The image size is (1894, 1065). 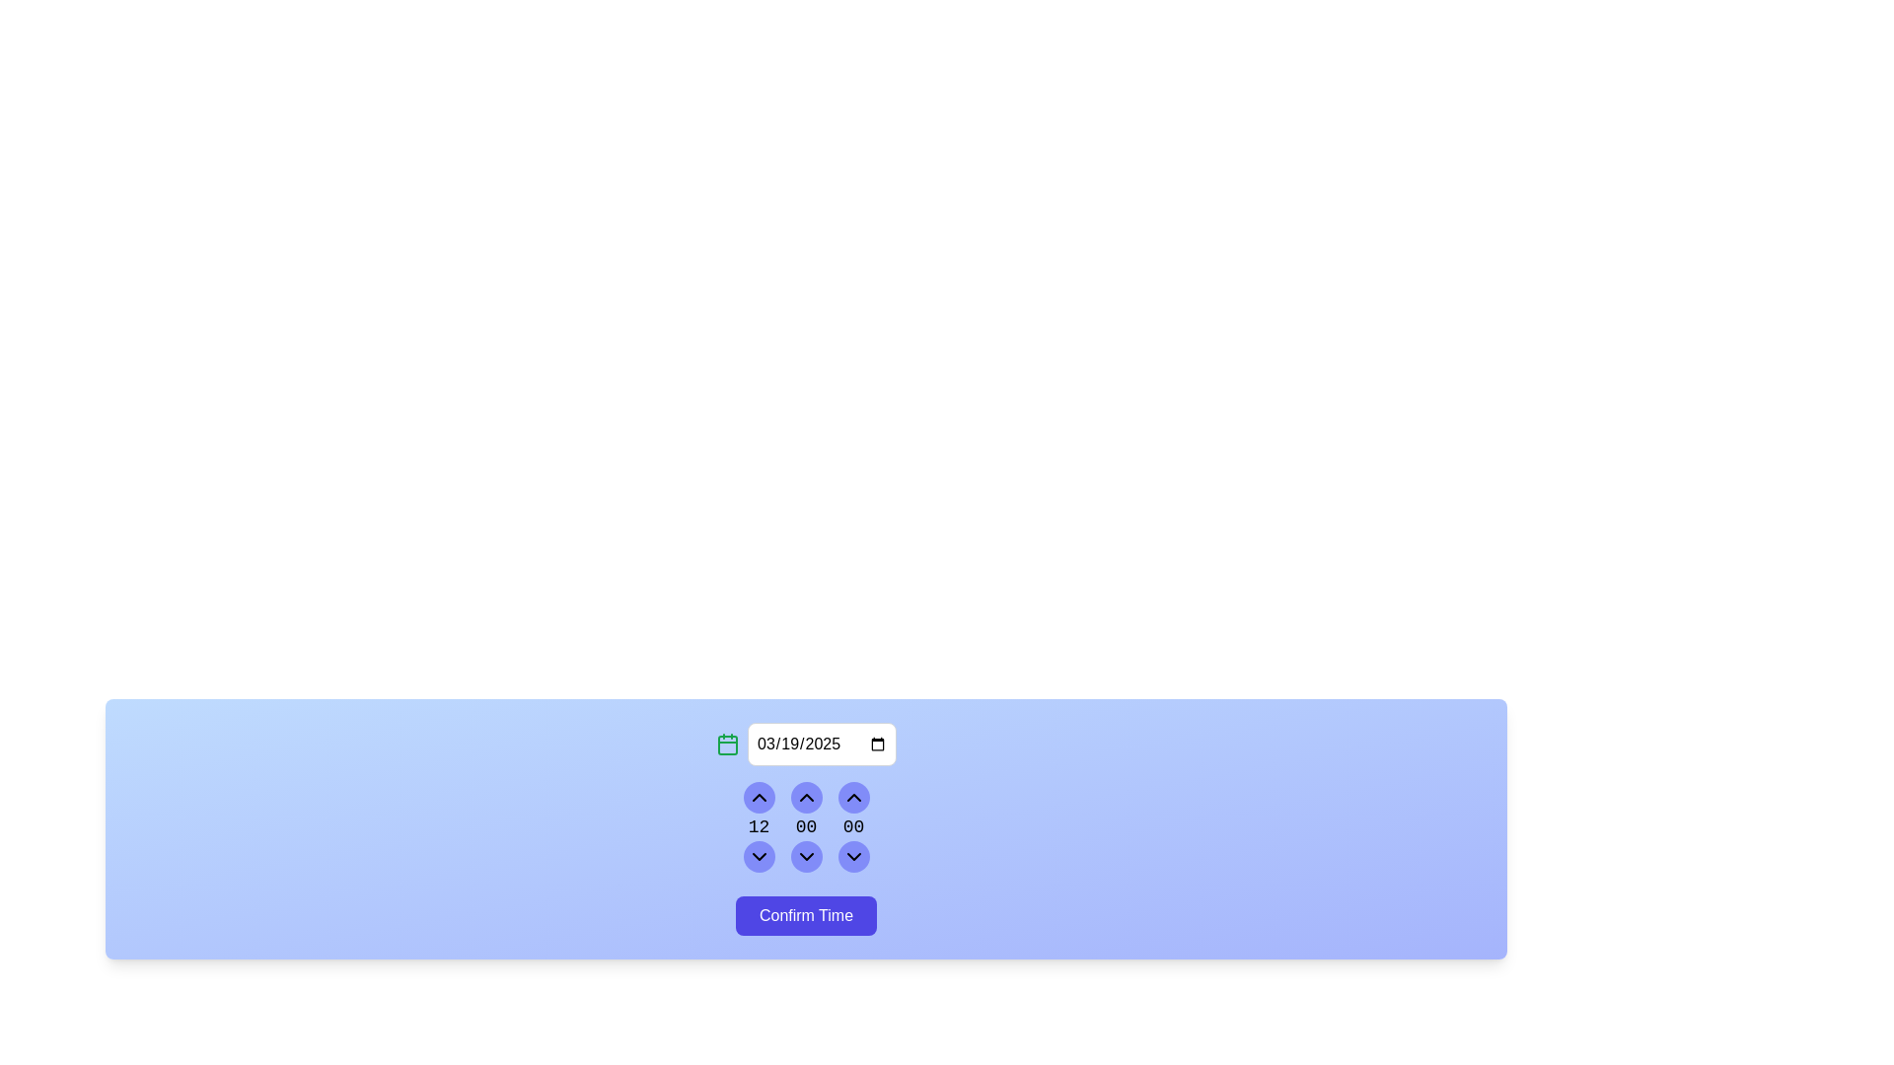 What do you see at coordinates (806, 827) in the screenshot?
I see `the text display labeled '00' which is styled in a monospaced font and located between upward and downward arrow icons in a vertical column` at bounding box center [806, 827].